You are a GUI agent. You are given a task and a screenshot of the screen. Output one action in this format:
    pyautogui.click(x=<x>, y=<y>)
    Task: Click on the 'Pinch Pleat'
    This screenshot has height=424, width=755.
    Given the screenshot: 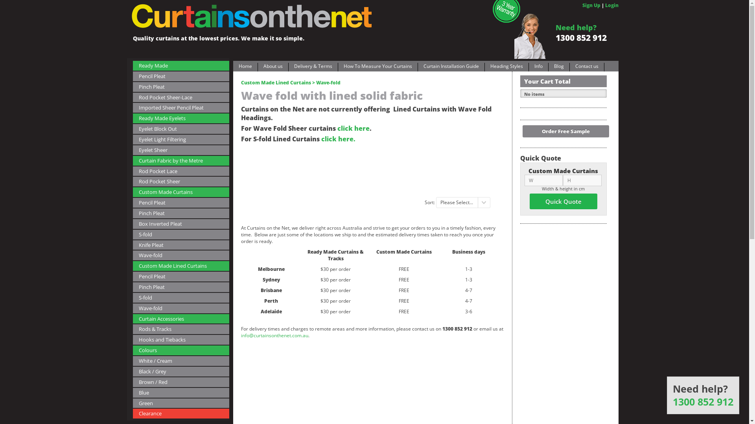 What is the action you would take?
    pyautogui.click(x=133, y=87)
    